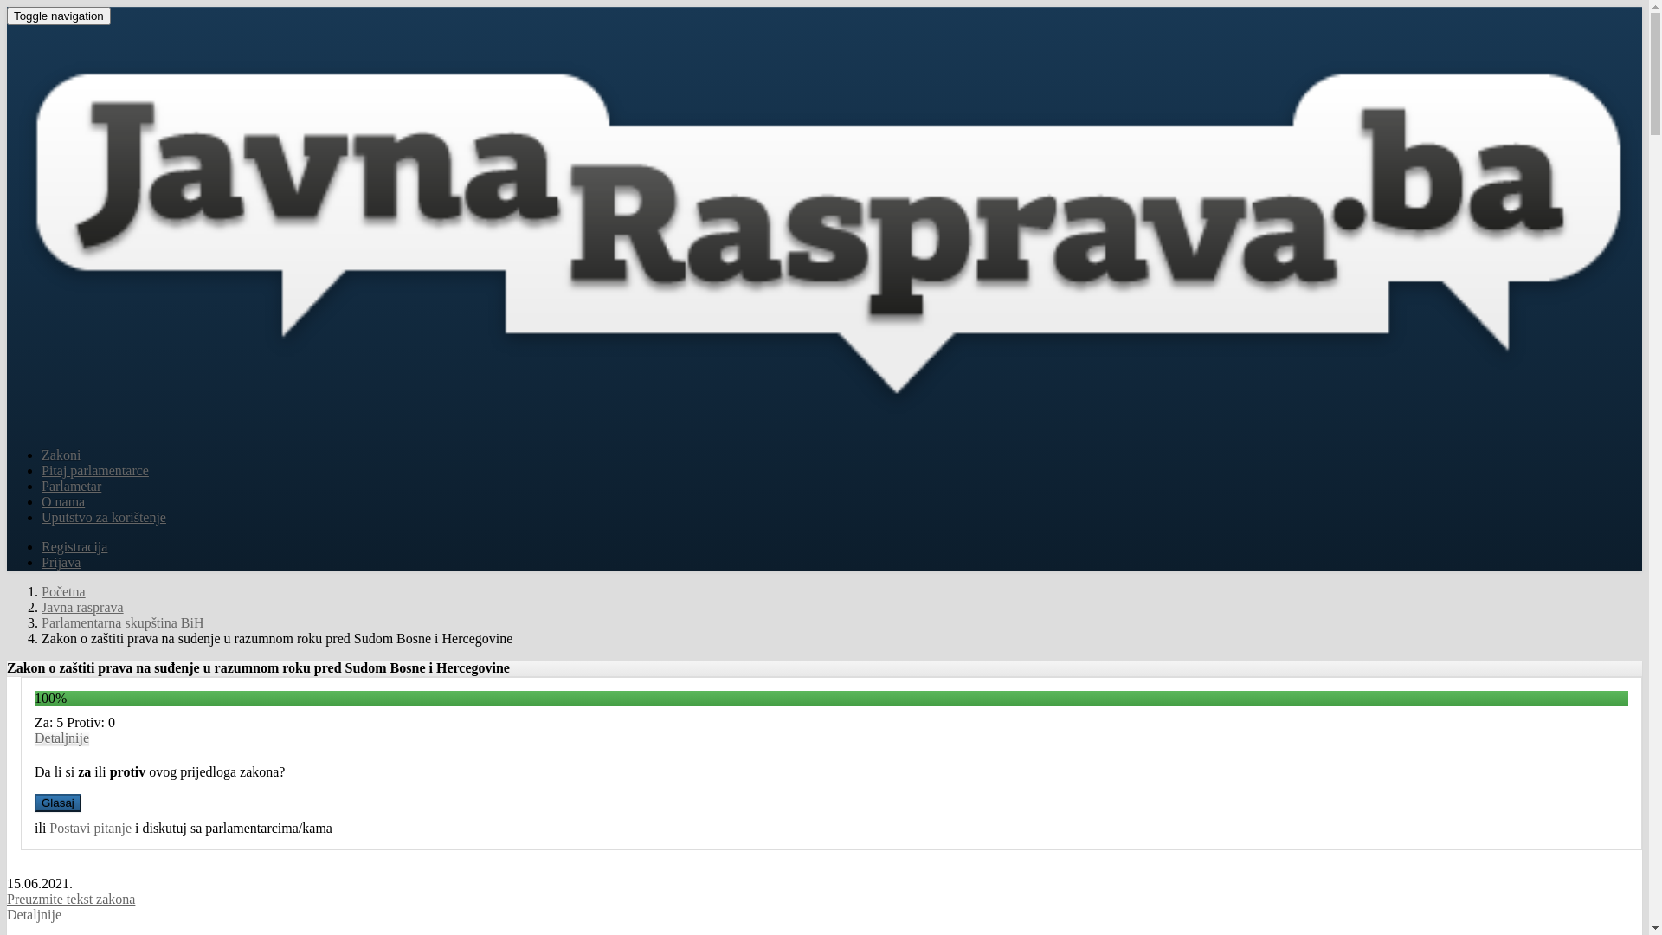 Image resolution: width=1662 pixels, height=935 pixels. What do you see at coordinates (61, 562) in the screenshot?
I see `'Prijava'` at bounding box center [61, 562].